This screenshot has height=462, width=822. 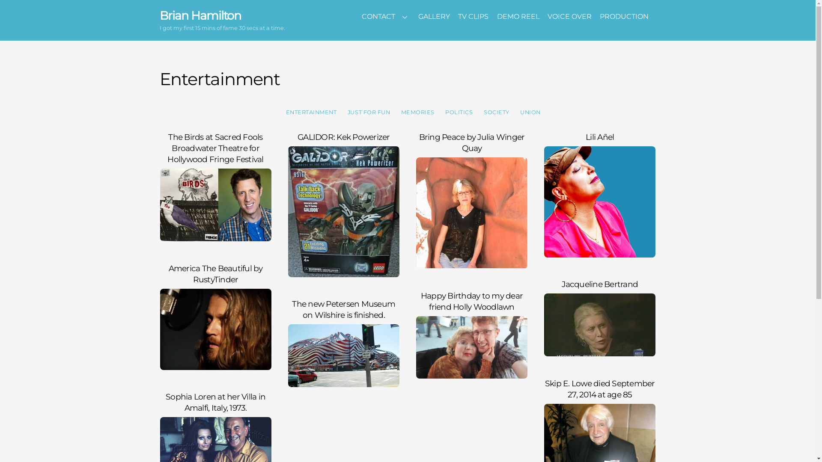 What do you see at coordinates (417, 112) in the screenshot?
I see `'MEMORIES'` at bounding box center [417, 112].